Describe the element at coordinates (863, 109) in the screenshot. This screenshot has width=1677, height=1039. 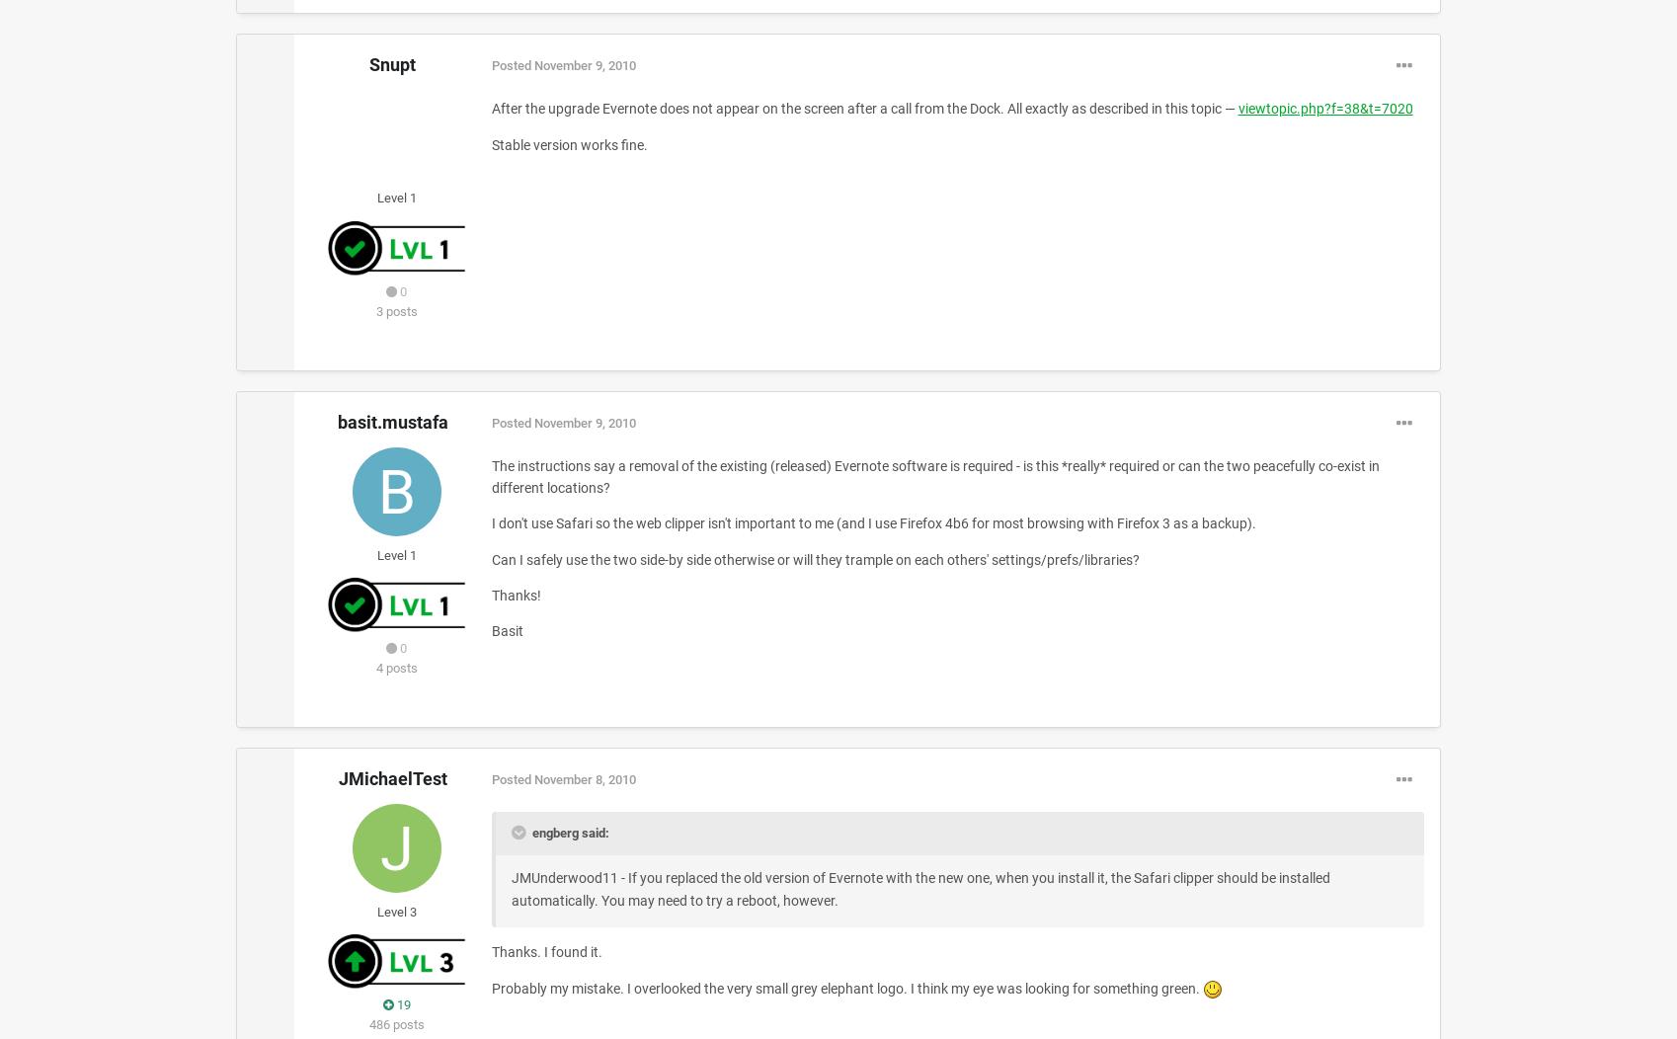
I see `'After the upgrade Evernote does not appear on the screen after a call from the Dock. All exactly as described in this topic —'` at that location.